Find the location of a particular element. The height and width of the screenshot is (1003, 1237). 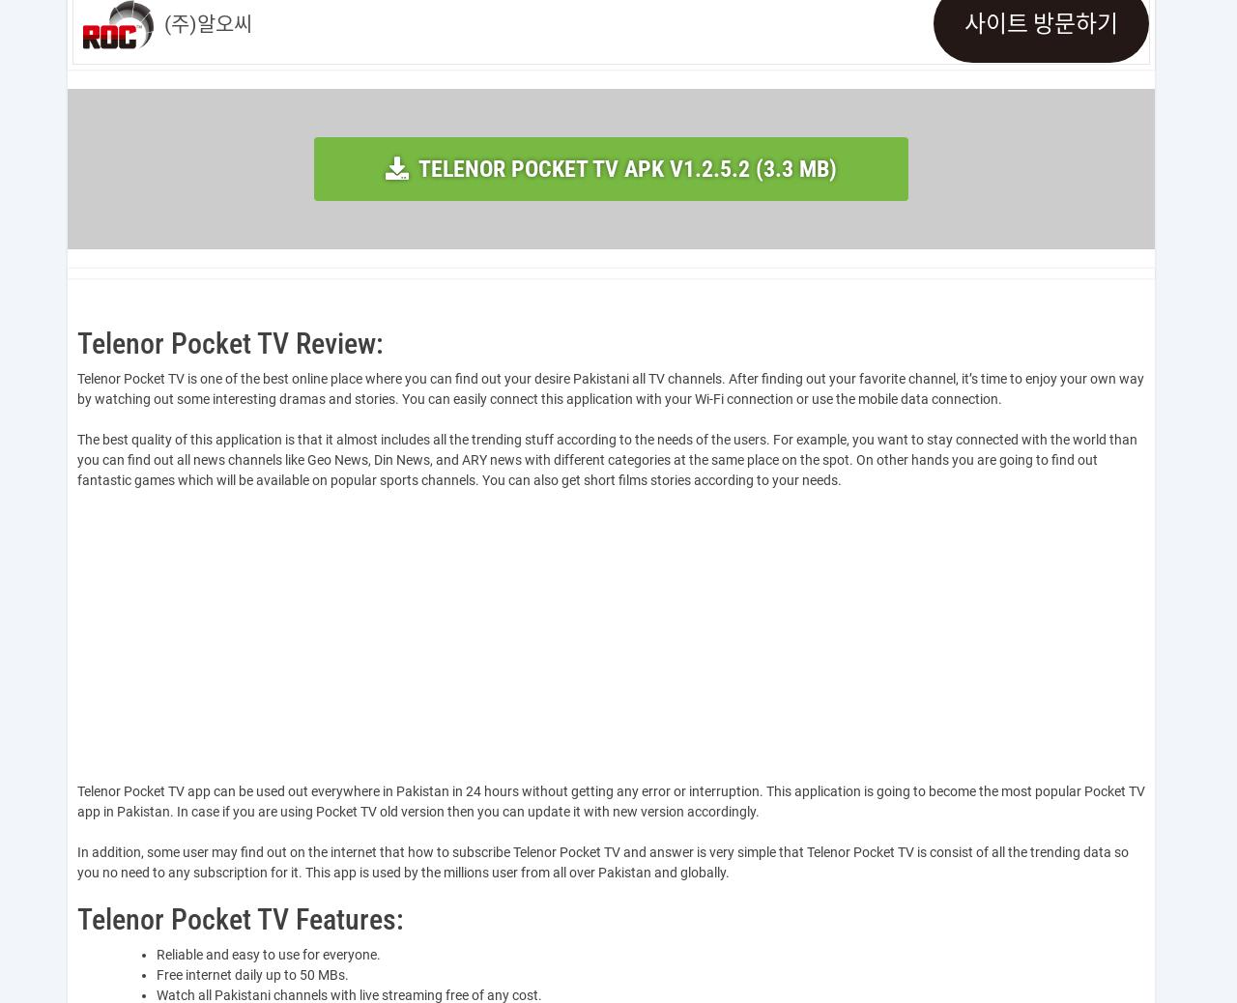

'place' is located at coordinates (331, 378).